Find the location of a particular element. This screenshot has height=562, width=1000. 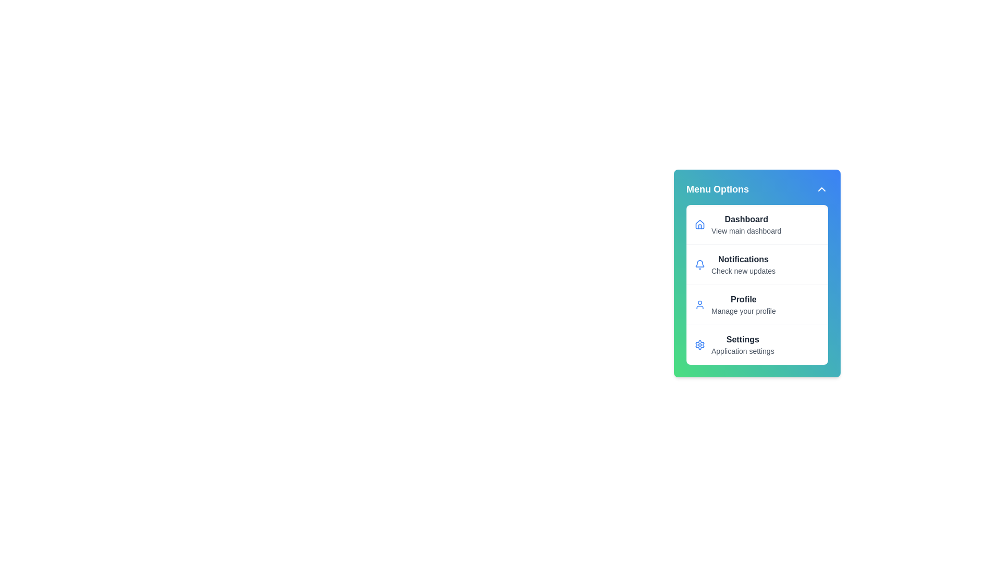

the menu item Notifications is located at coordinates (757, 264).